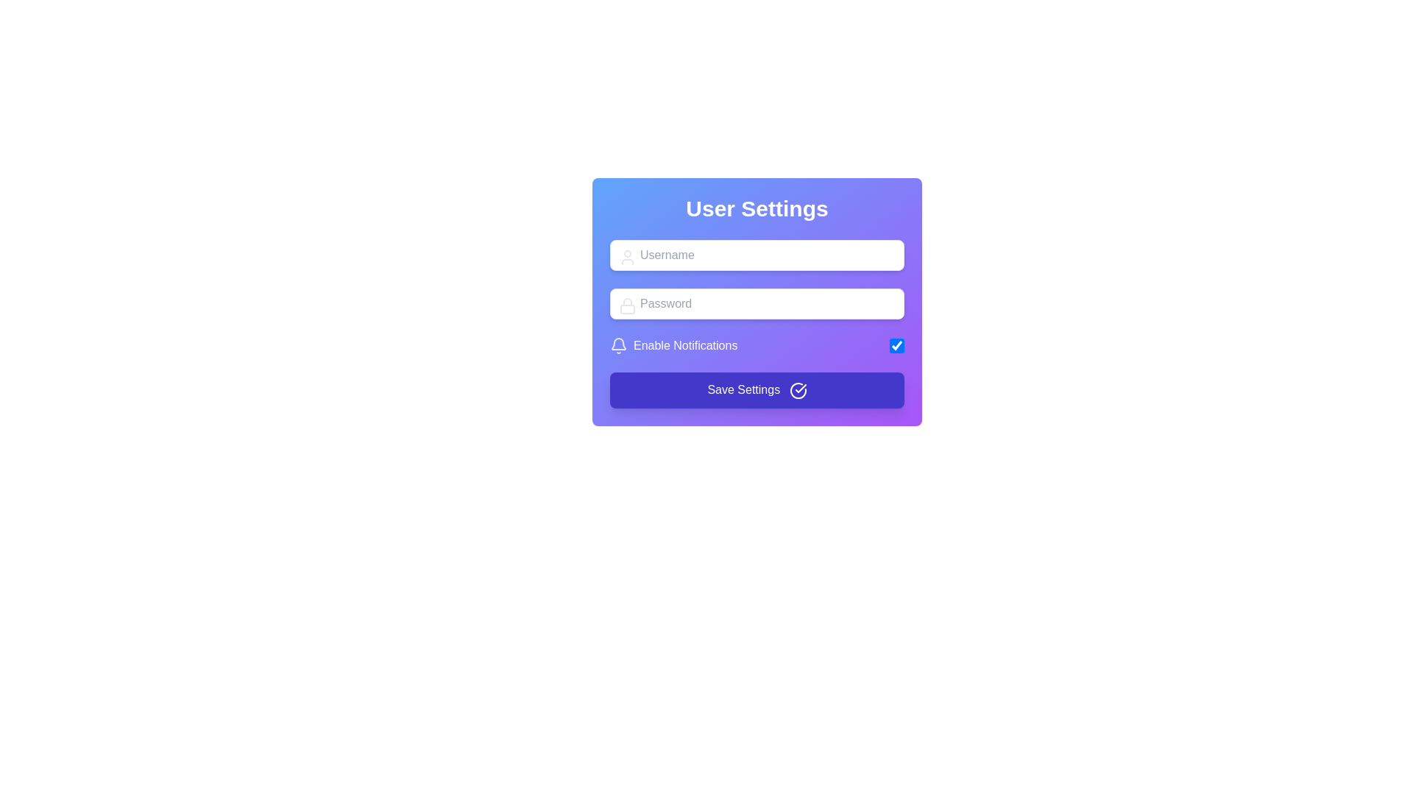 Image resolution: width=1413 pixels, height=795 pixels. I want to click on the circular check mark icon within the 'Save Settings' button, located near the right edge of the button, so click(797, 389).